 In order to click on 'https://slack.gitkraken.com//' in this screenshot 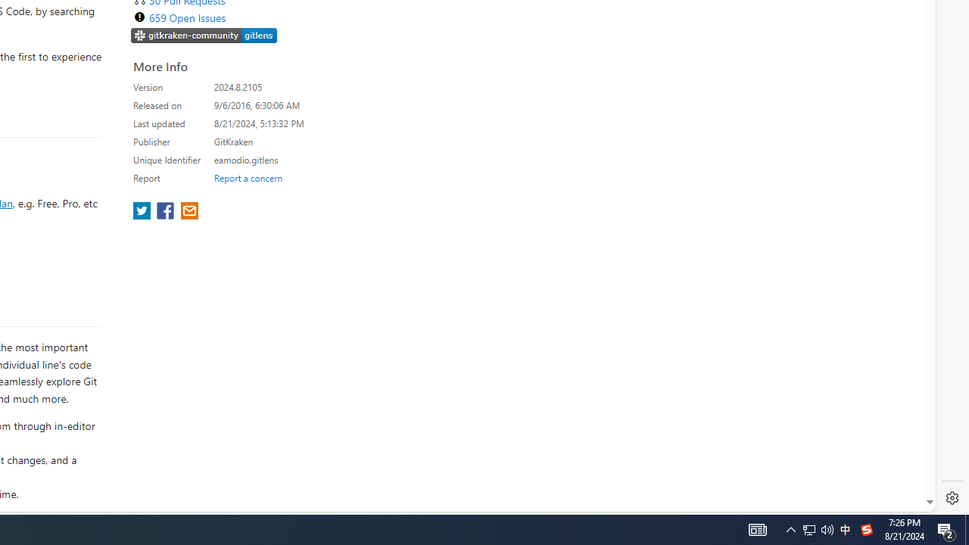, I will do `click(204, 36)`.